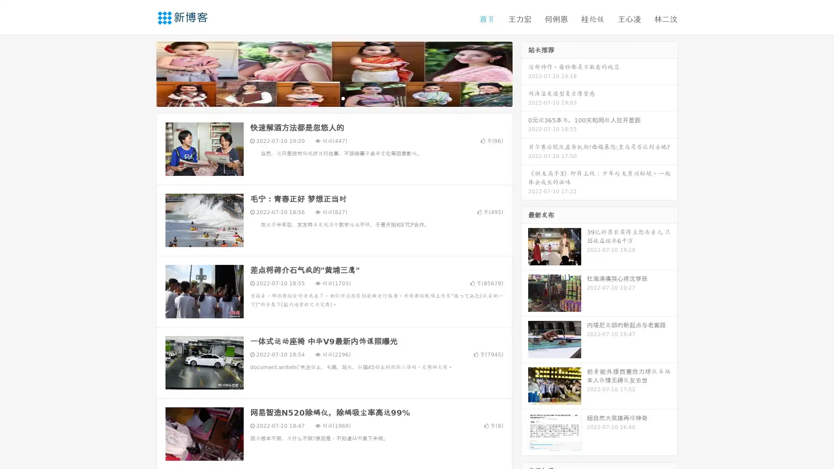 This screenshot has height=469, width=834. Describe the element at coordinates (143, 73) in the screenshot. I see `Previous slide` at that location.